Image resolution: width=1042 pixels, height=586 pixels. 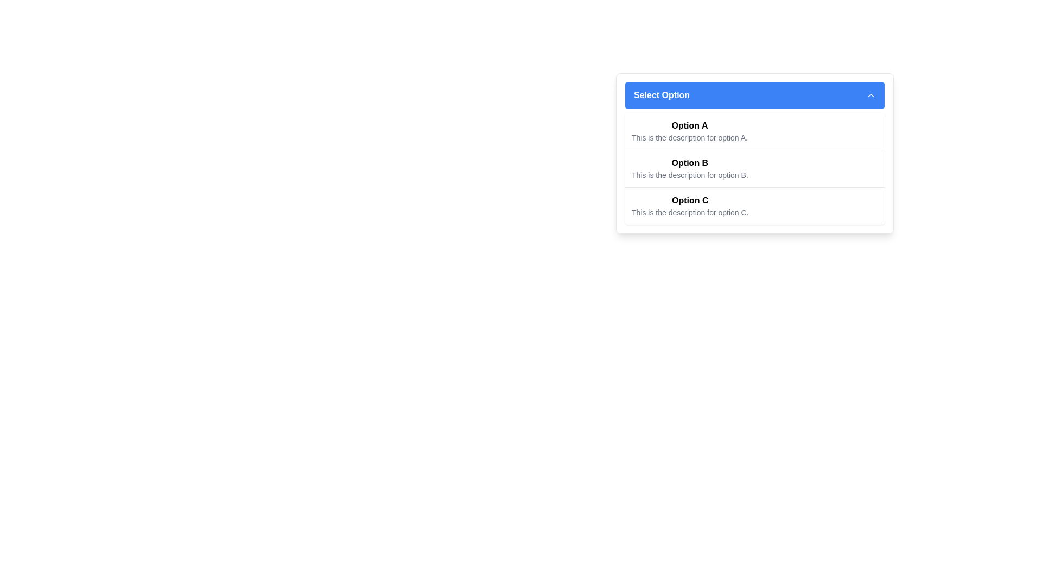 What do you see at coordinates (754, 206) in the screenshot?
I see `to select the option labeled 'Option C' in the dropdown menu, which is the third selectable option in the list` at bounding box center [754, 206].